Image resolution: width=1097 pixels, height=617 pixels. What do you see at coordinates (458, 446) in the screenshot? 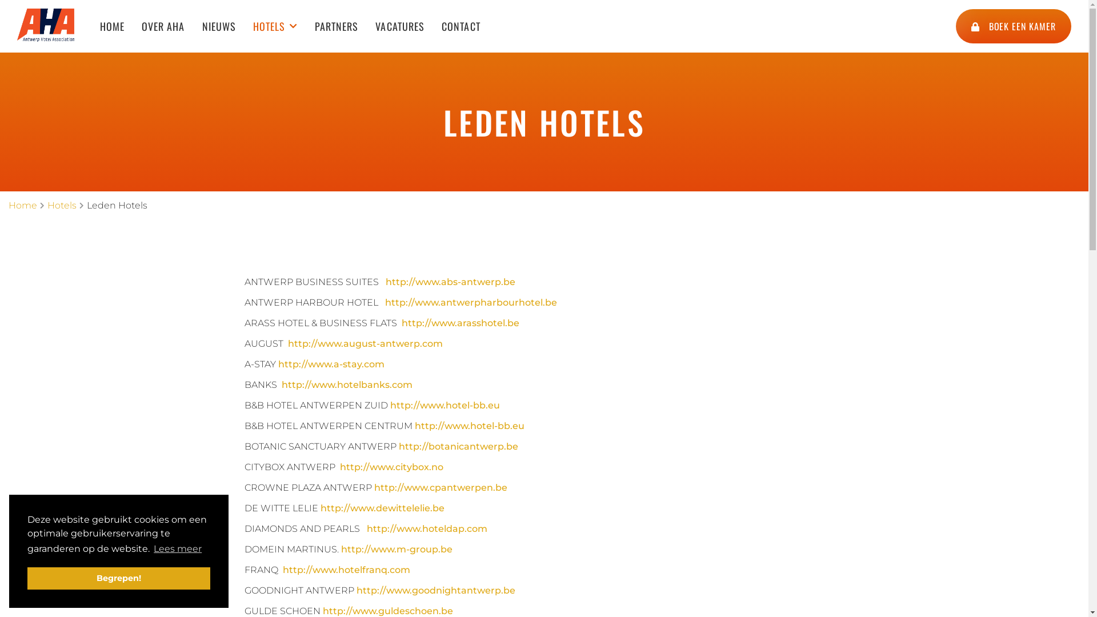
I see `'http://botanicantwerp.be'` at bounding box center [458, 446].